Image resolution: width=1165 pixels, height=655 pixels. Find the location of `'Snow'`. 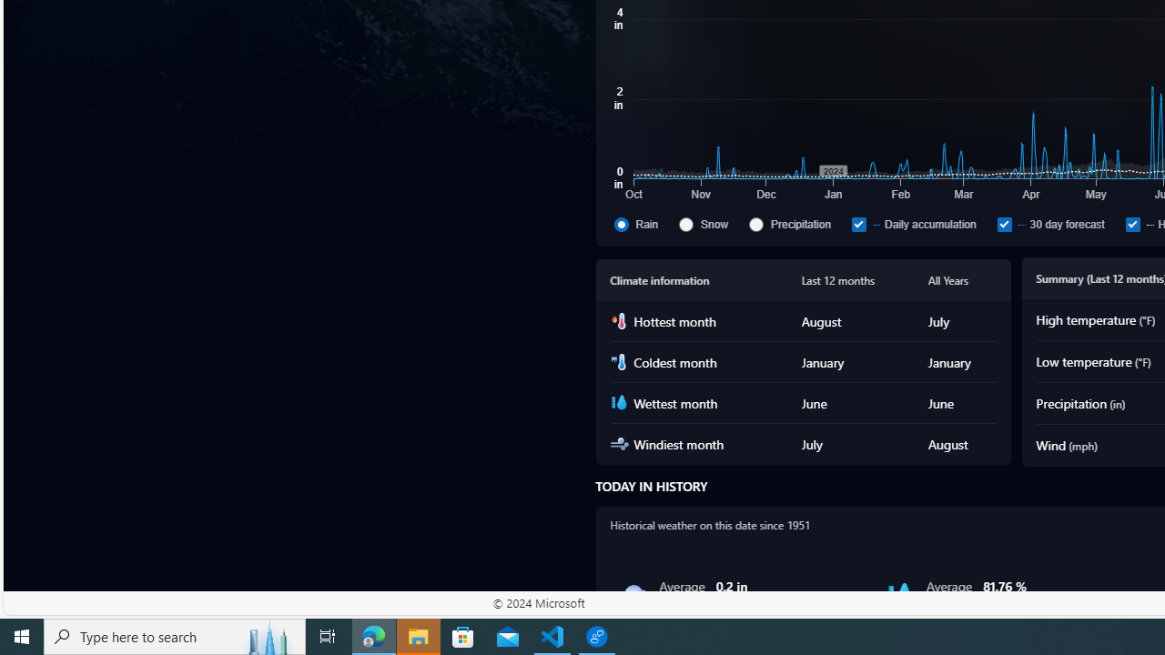

'Snow' is located at coordinates (685, 223).